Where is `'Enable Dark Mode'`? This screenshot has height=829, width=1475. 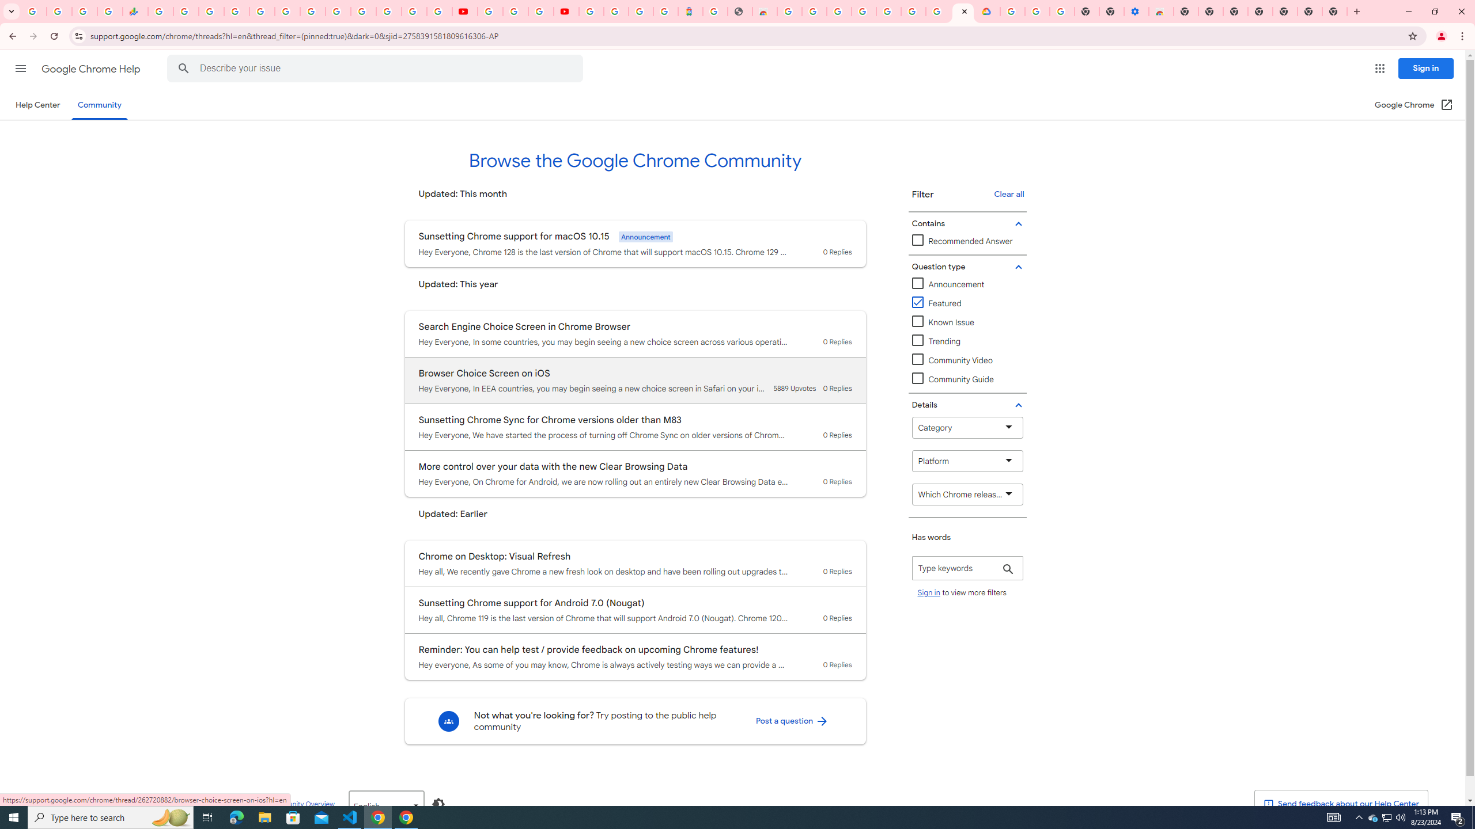 'Enable Dark Mode' is located at coordinates (438, 803).